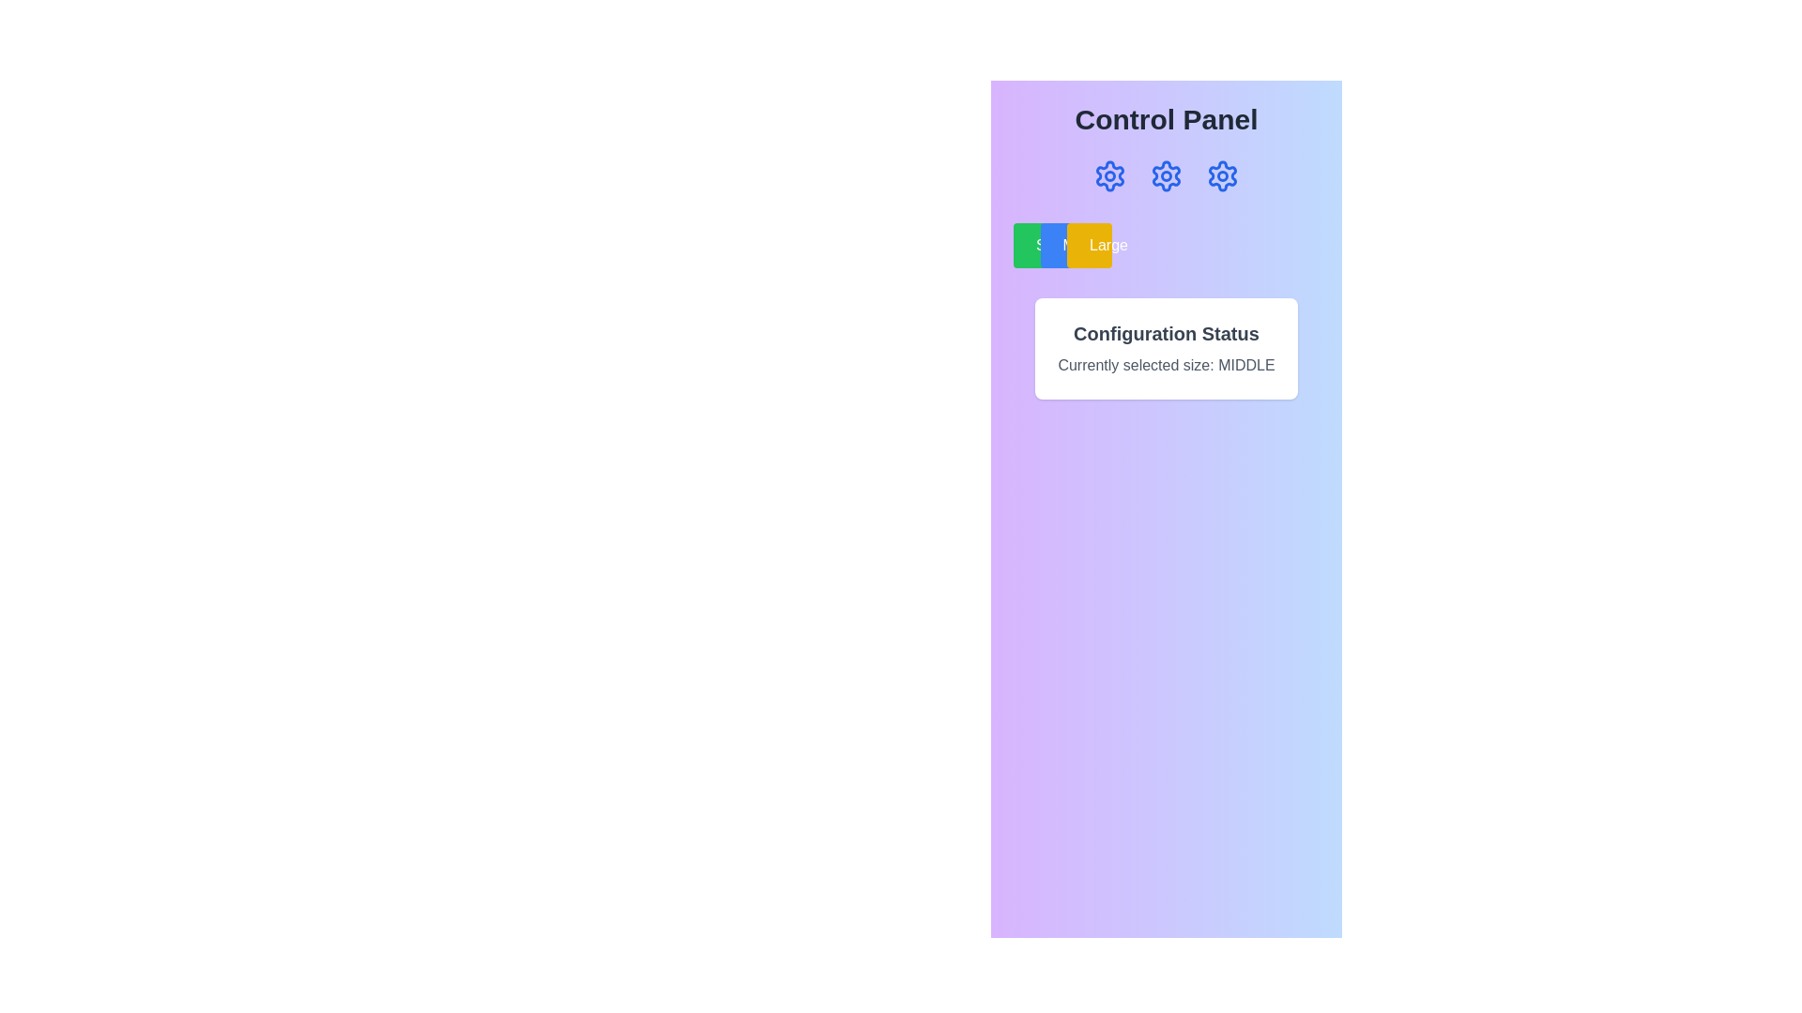 The image size is (1802, 1013). I want to click on the decorative graphic (circle within SVG) that emphasizes a feature or status within the first gear icon located in the top-center section of the interface, so click(1109, 176).